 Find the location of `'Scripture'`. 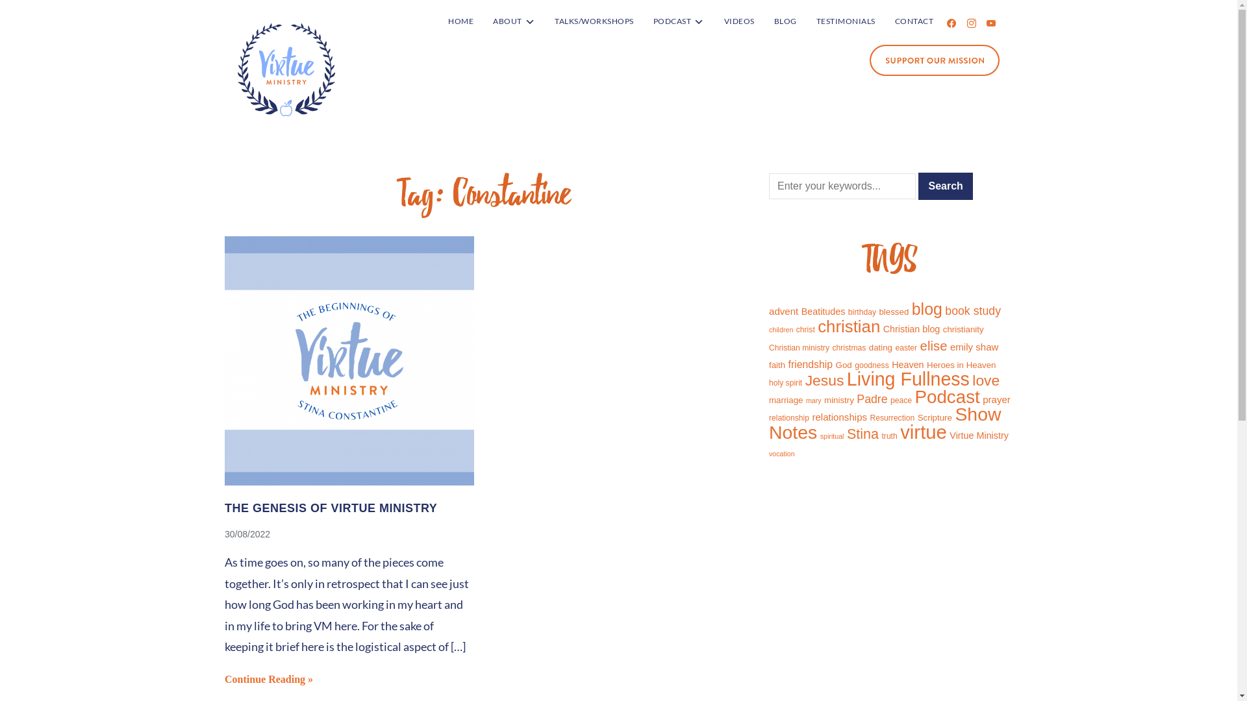

'Scripture' is located at coordinates (934, 417).